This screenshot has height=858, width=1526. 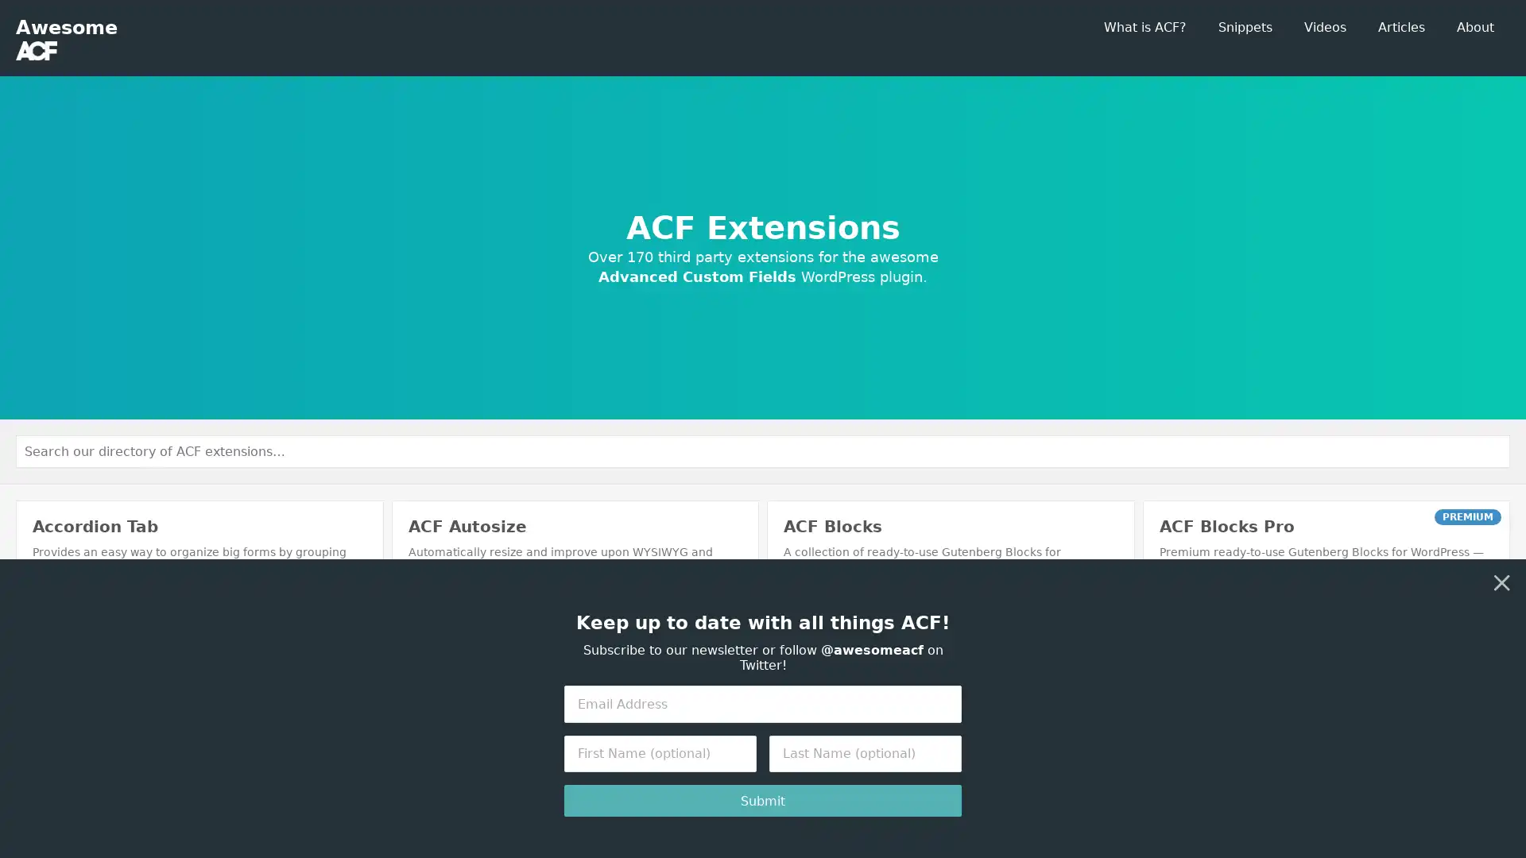 What do you see at coordinates (763, 800) in the screenshot?
I see `Submit` at bounding box center [763, 800].